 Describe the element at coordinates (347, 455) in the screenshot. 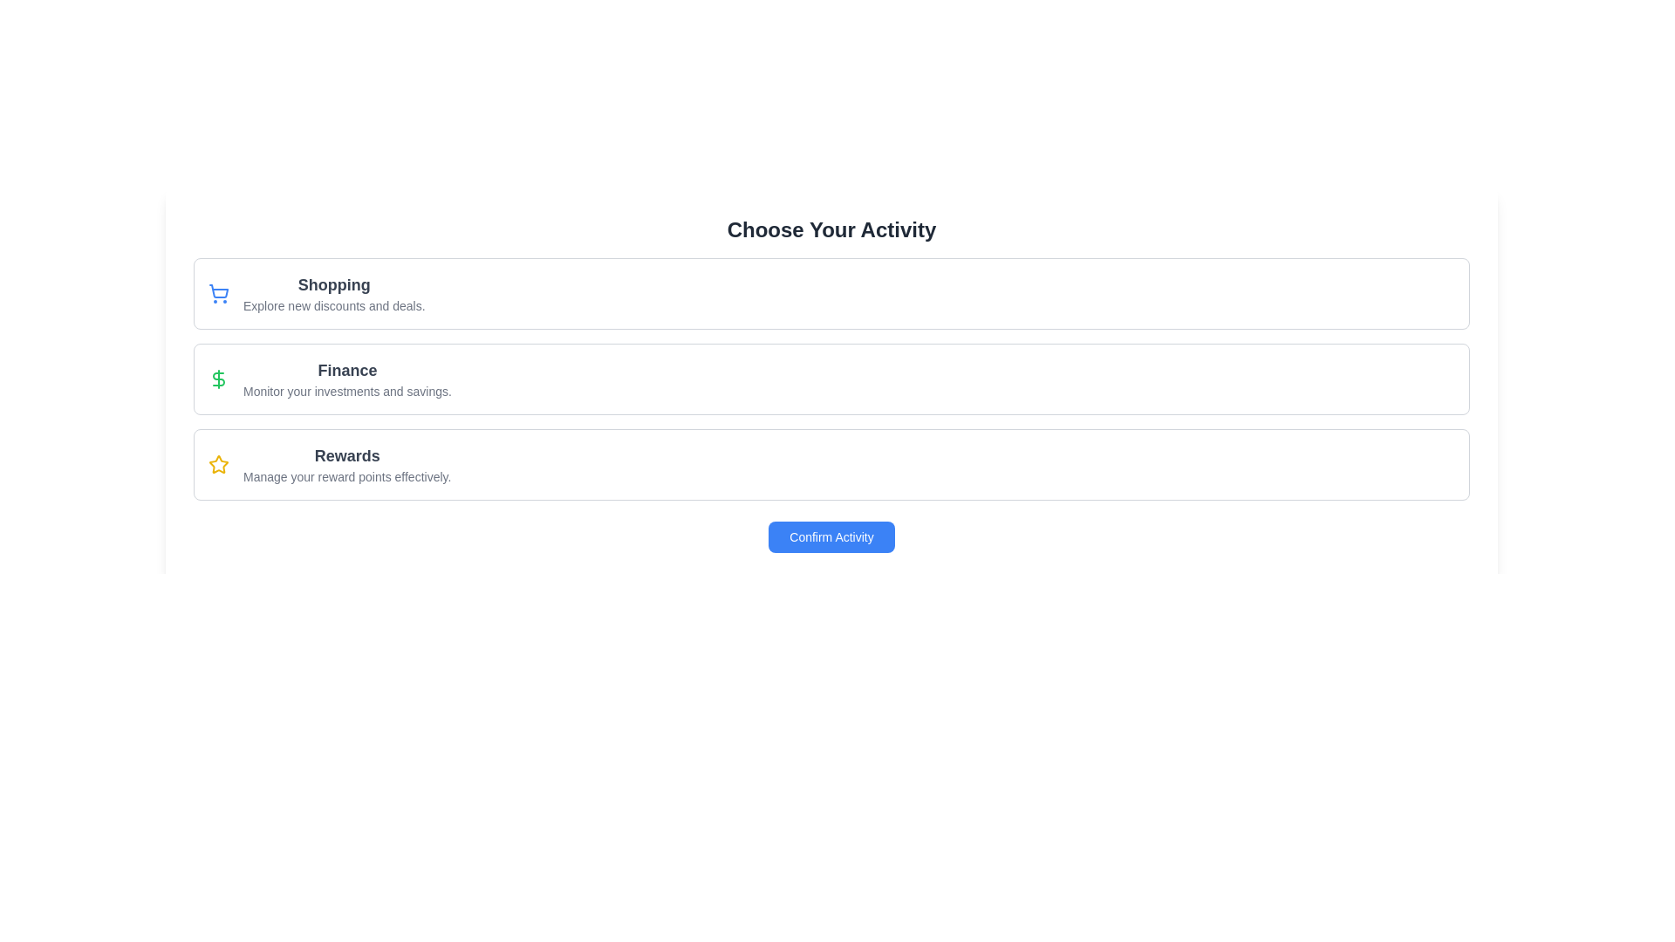

I see `the 'Rewards' text label, which serves as a header for the rewards section, located in the third box of a vertically stacked group of sections` at that location.